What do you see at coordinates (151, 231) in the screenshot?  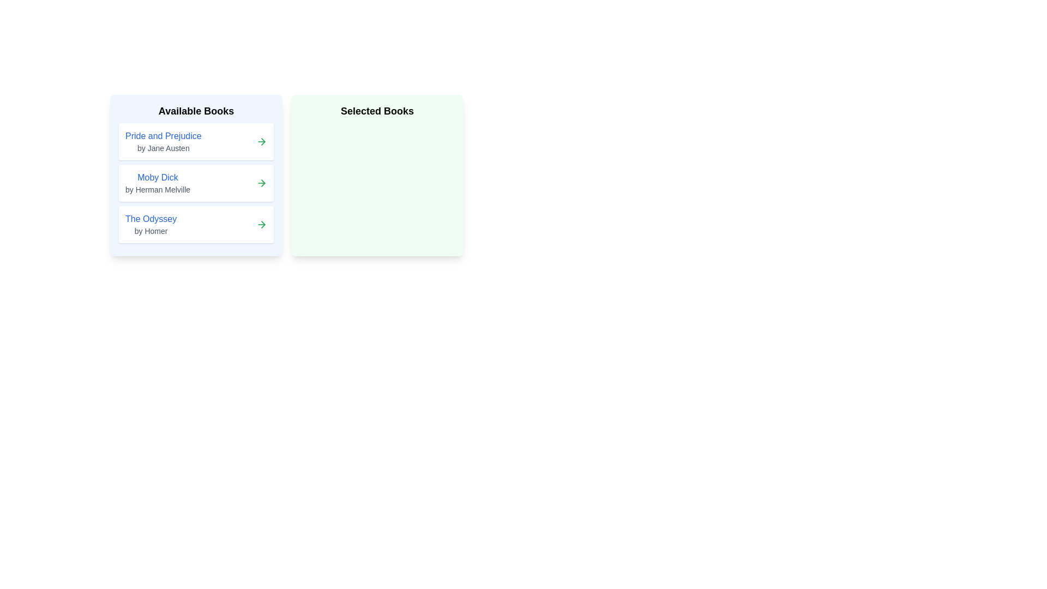 I see `author's name 'Homer' displayed as a text label below the title 'The Odyssey' in the 'Available Books' section` at bounding box center [151, 231].